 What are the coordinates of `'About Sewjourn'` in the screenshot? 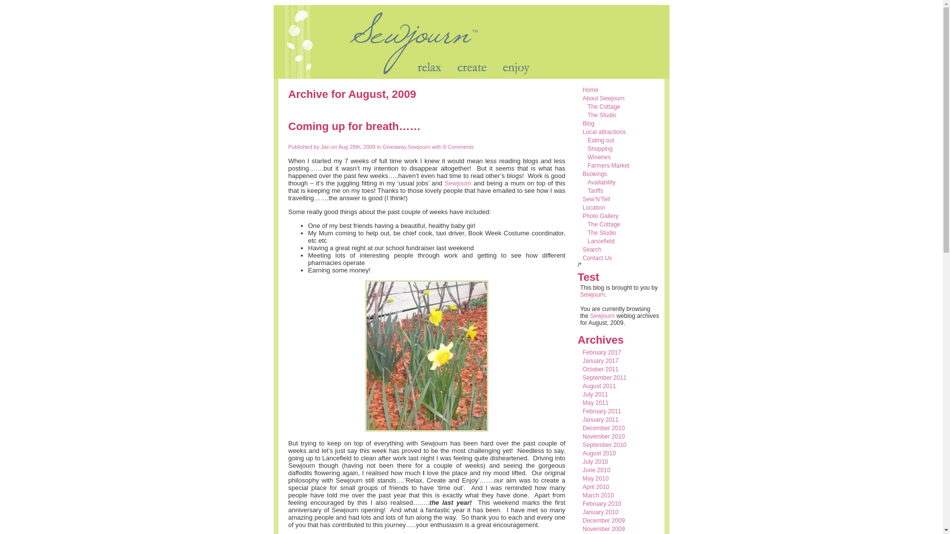 It's located at (603, 98).